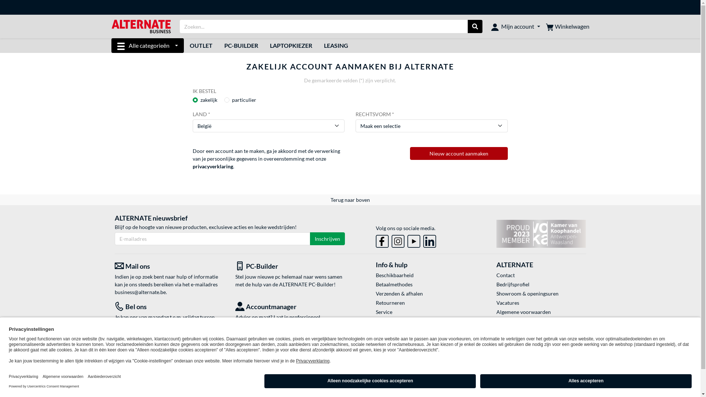  Describe the element at coordinates (241, 45) in the screenshot. I see `'PC-BUILDER'` at that location.